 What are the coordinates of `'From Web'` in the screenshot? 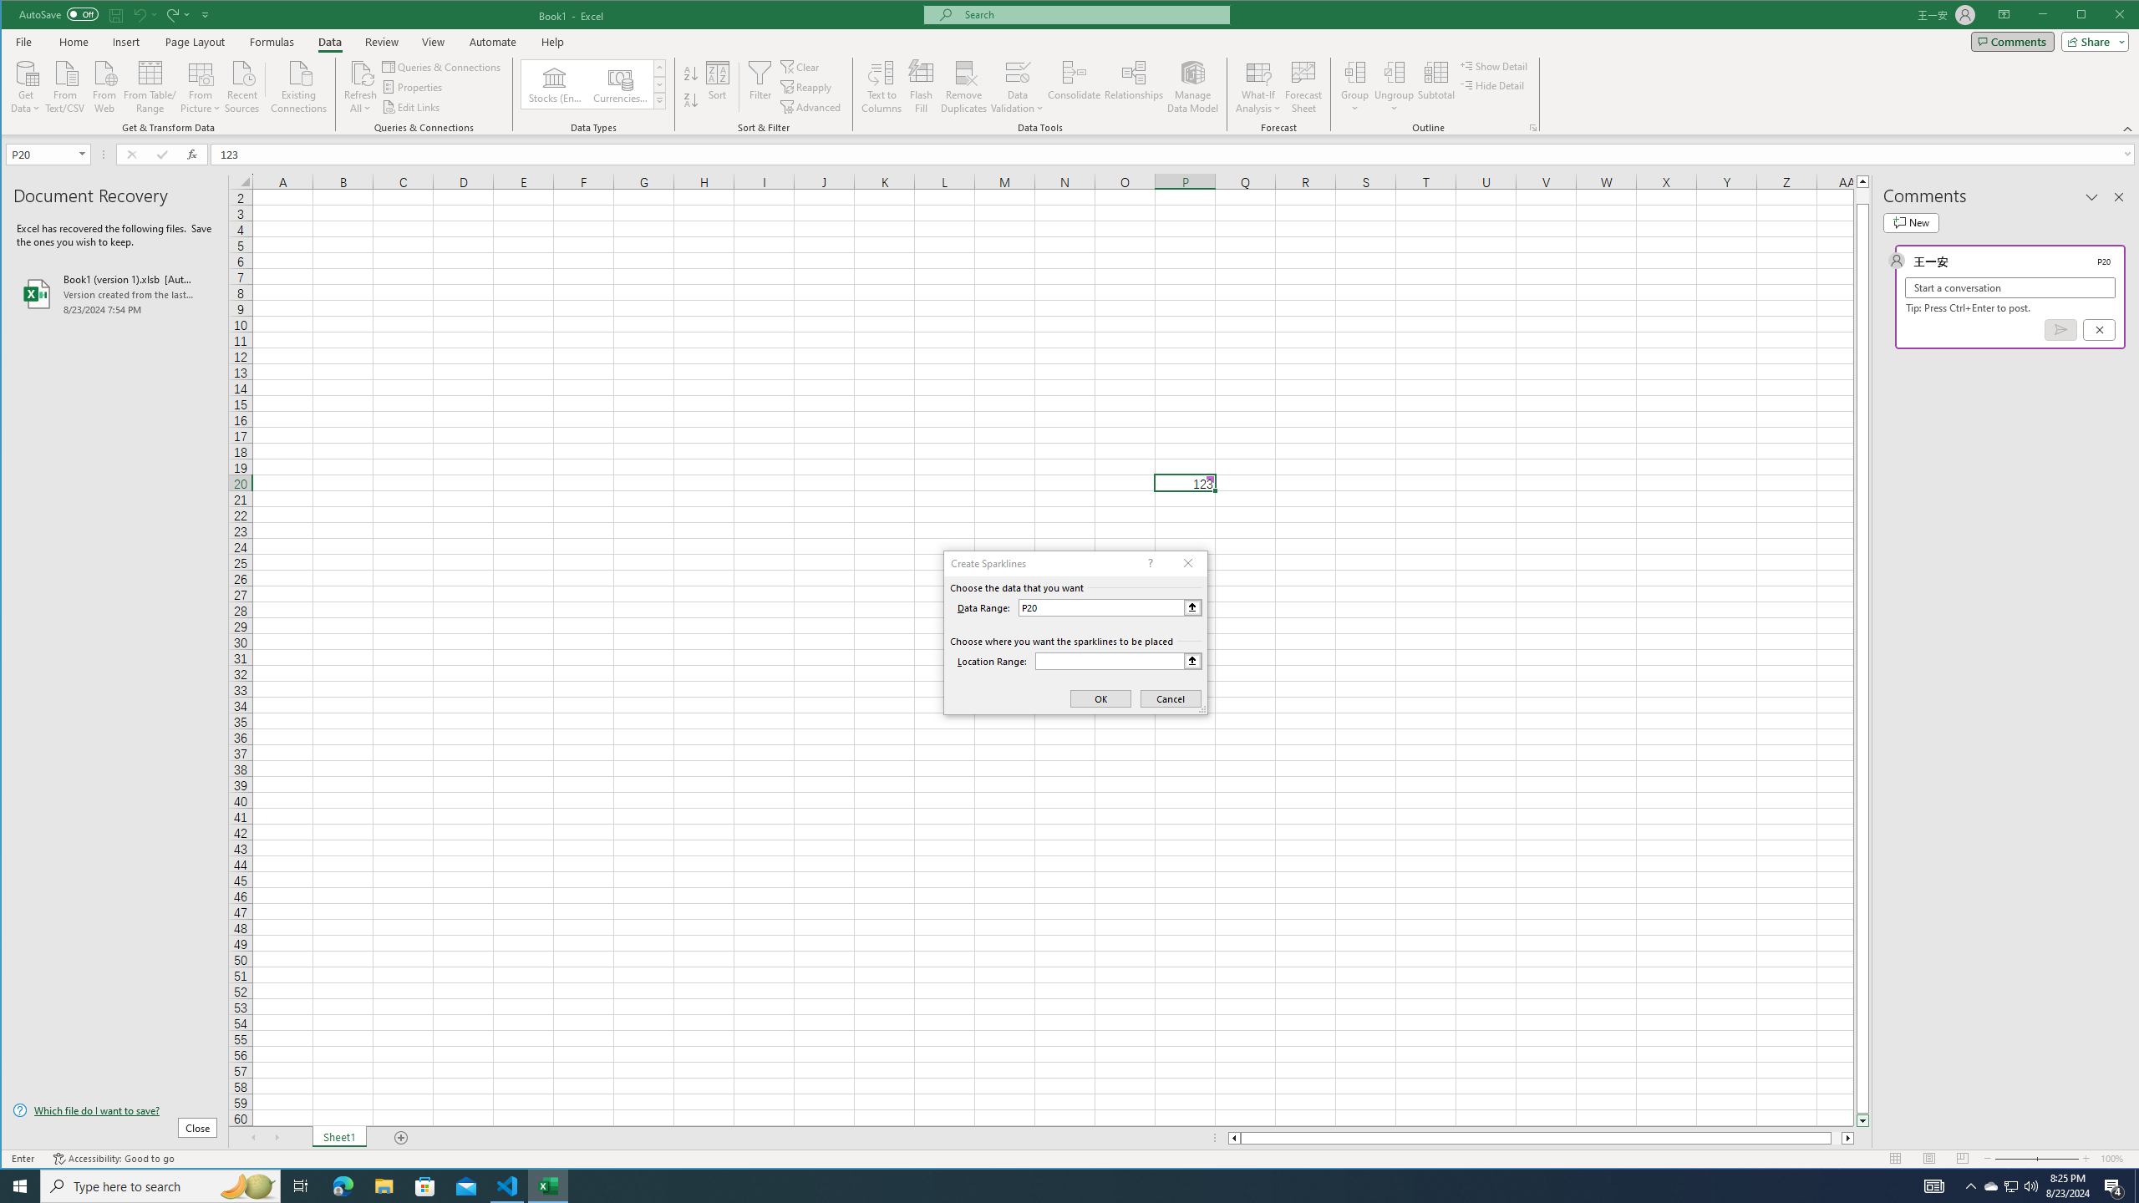 It's located at (104, 85).